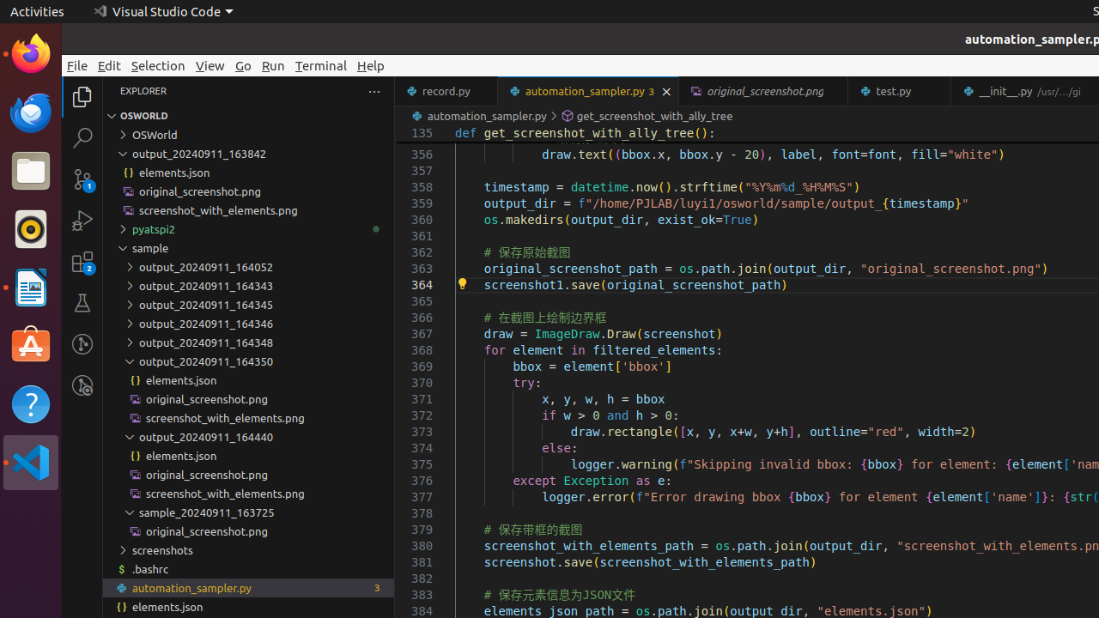 This screenshot has width=1099, height=618. What do you see at coordinates (272, 64) in the screenshot?
I see `'Run'` at bounding box center [272, 64].